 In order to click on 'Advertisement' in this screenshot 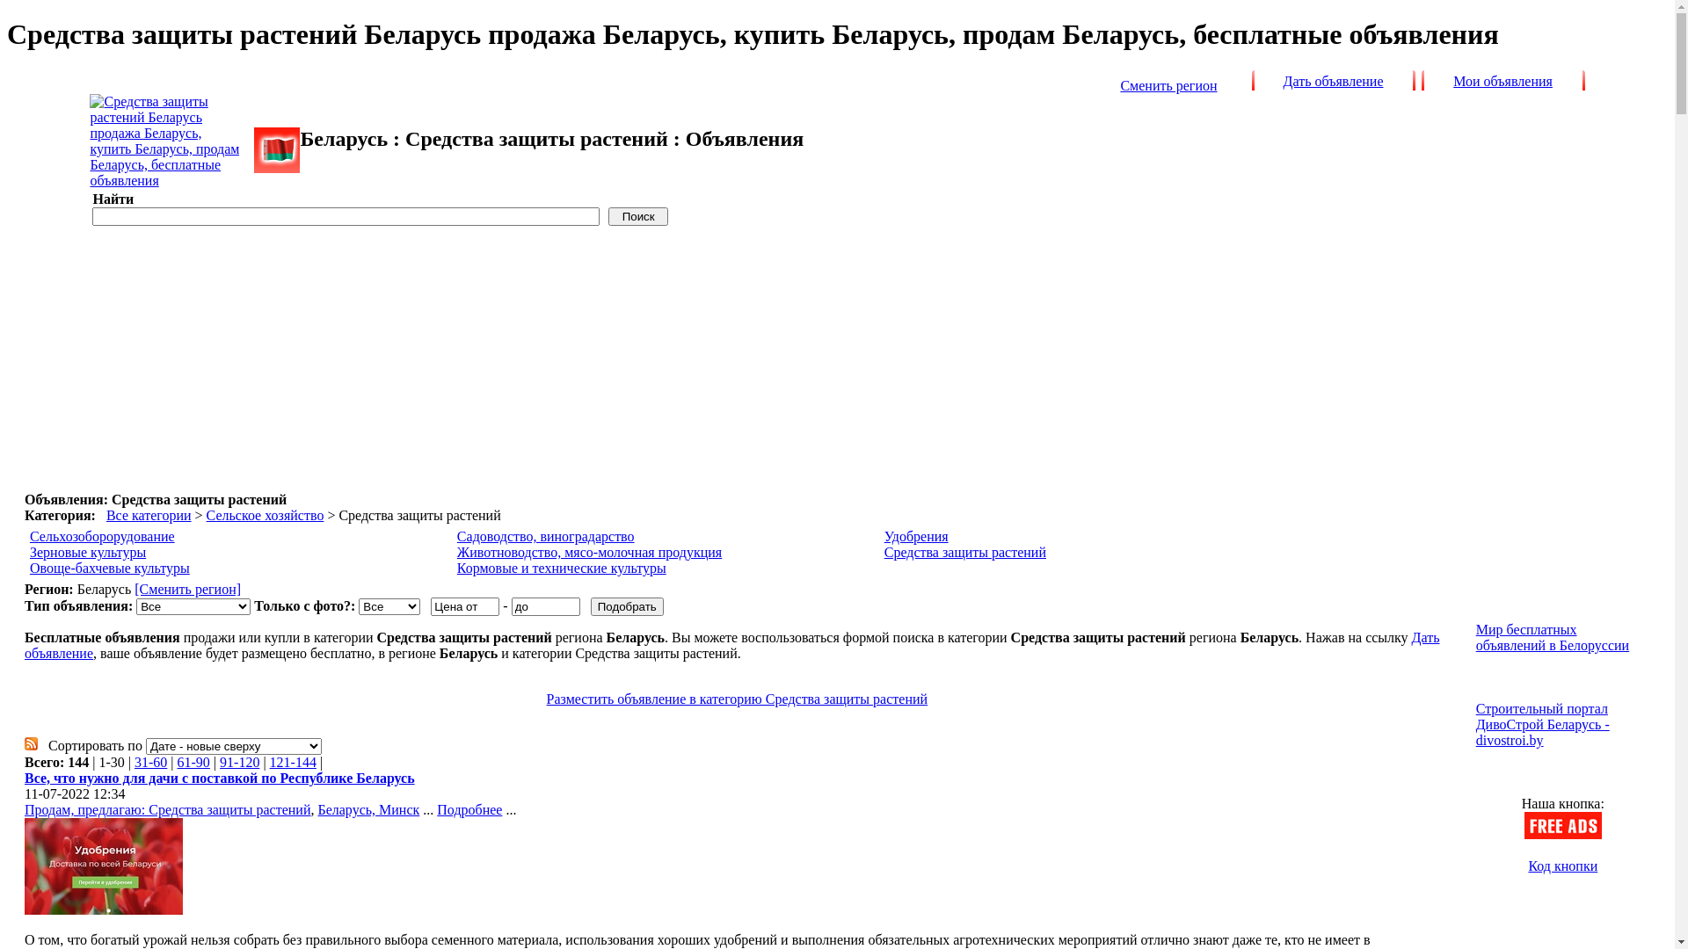, I will do `click(616, 351)`.